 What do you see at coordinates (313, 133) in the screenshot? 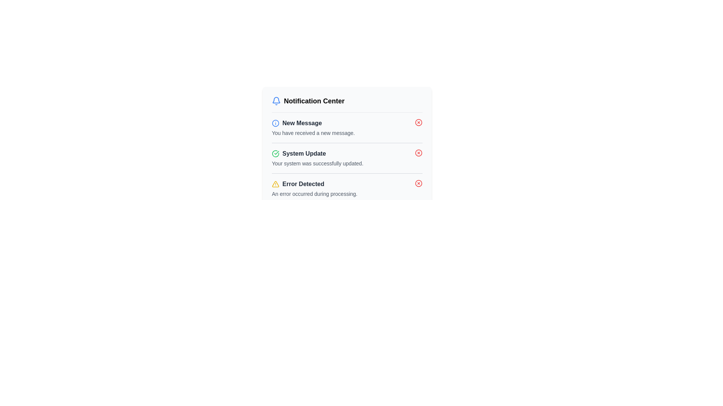
I see `the text label that provides additional information related to the 'New Message' notification, located below the 'New Message' title in the notification section` at bounding box center [313, 133].